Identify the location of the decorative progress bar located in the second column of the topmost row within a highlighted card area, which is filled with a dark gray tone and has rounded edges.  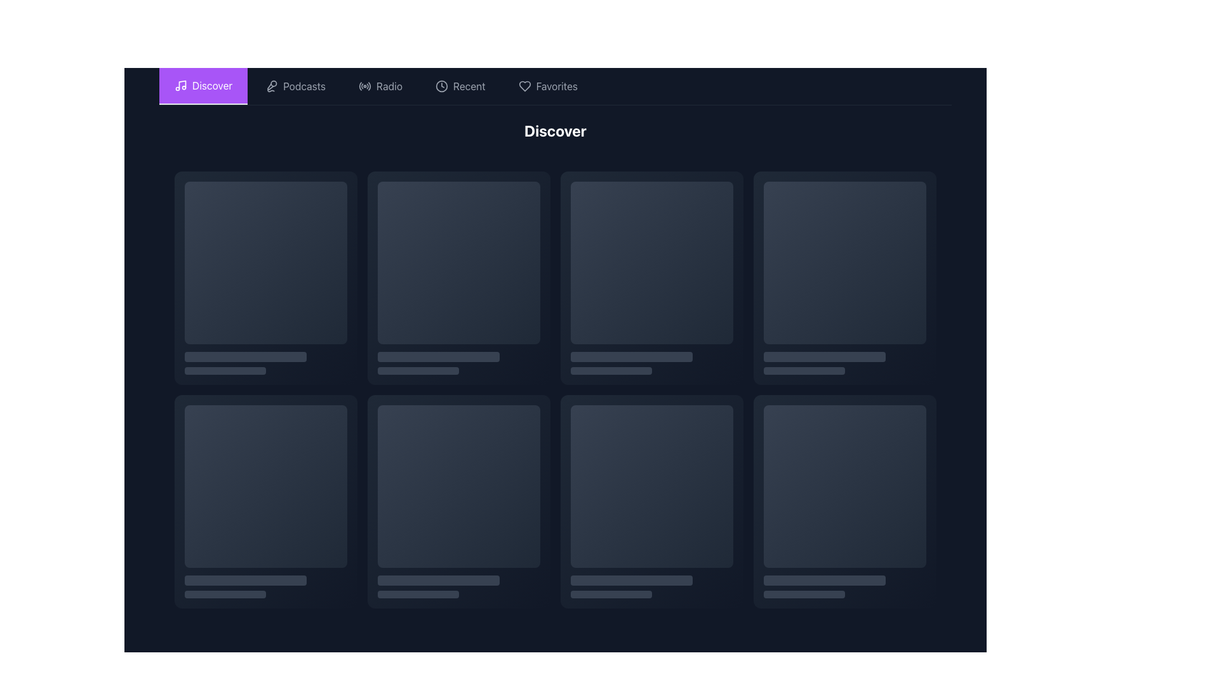
(611, 370).